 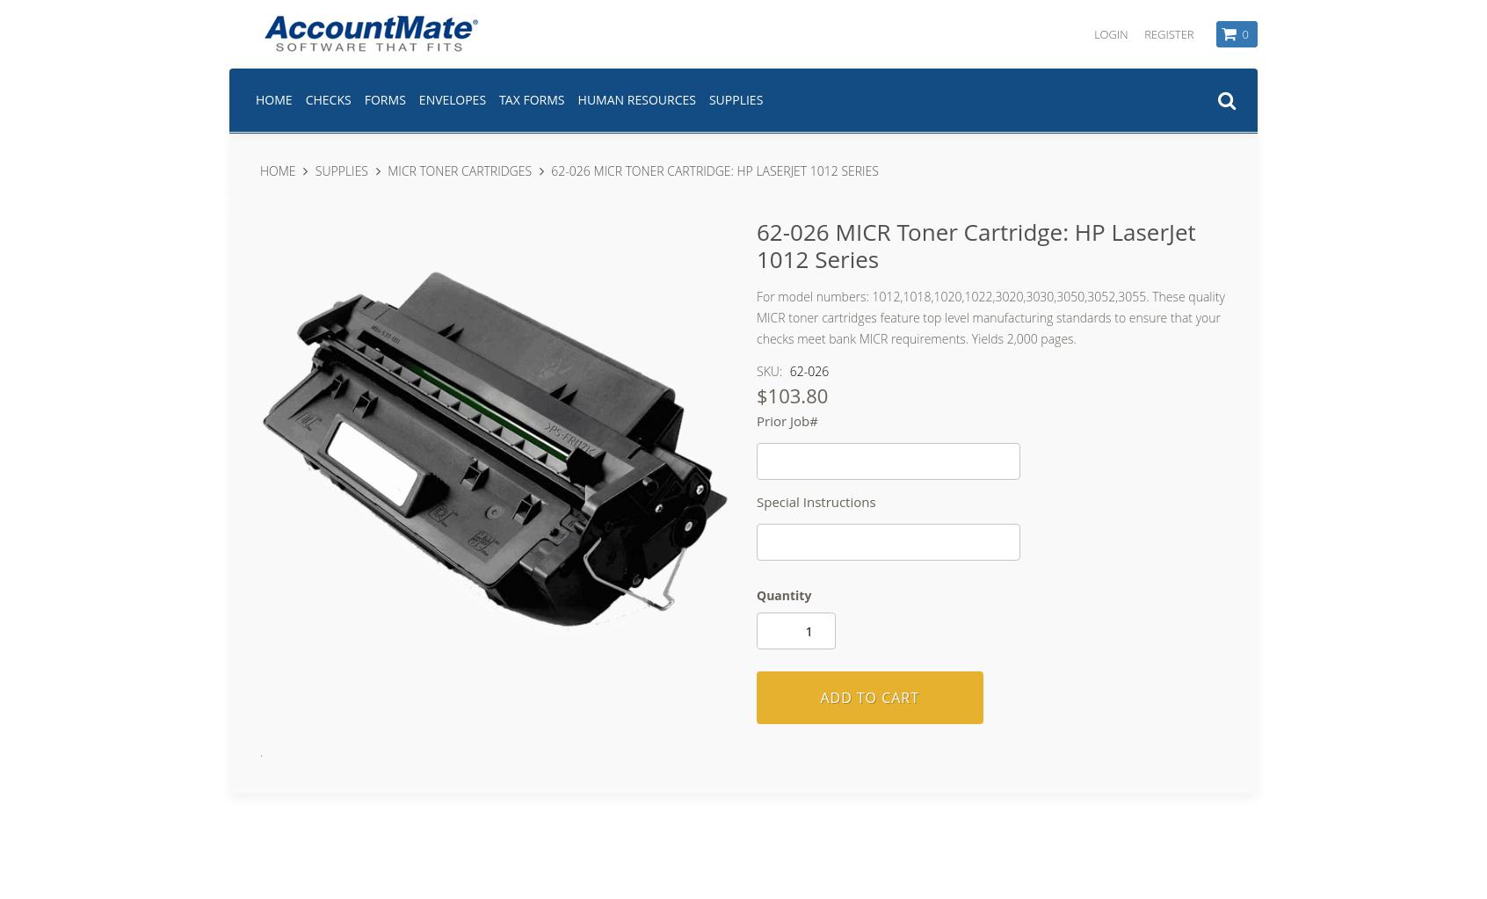 I want to click on 'Special Instructions', so click(x=816, y=501).